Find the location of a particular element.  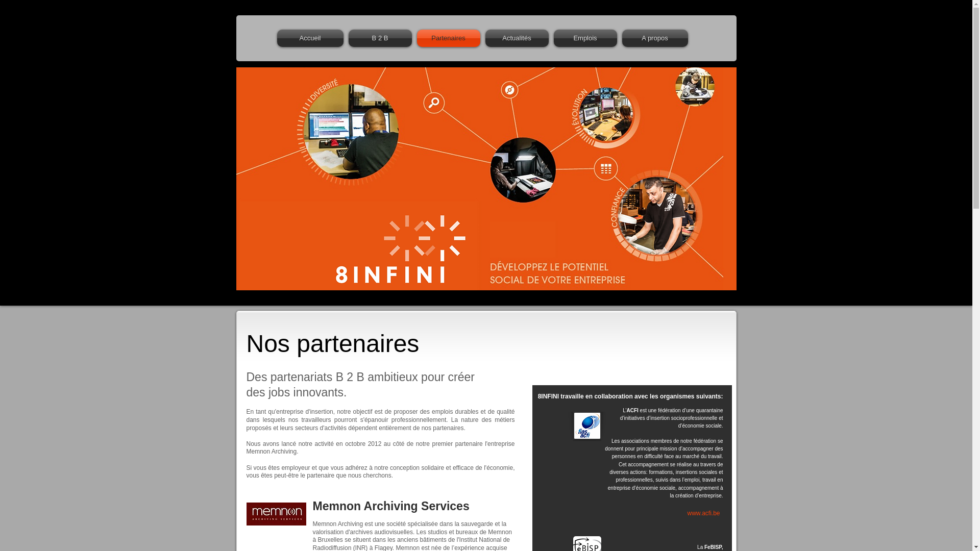

'Emplois' is located at coordinates (585, 37).